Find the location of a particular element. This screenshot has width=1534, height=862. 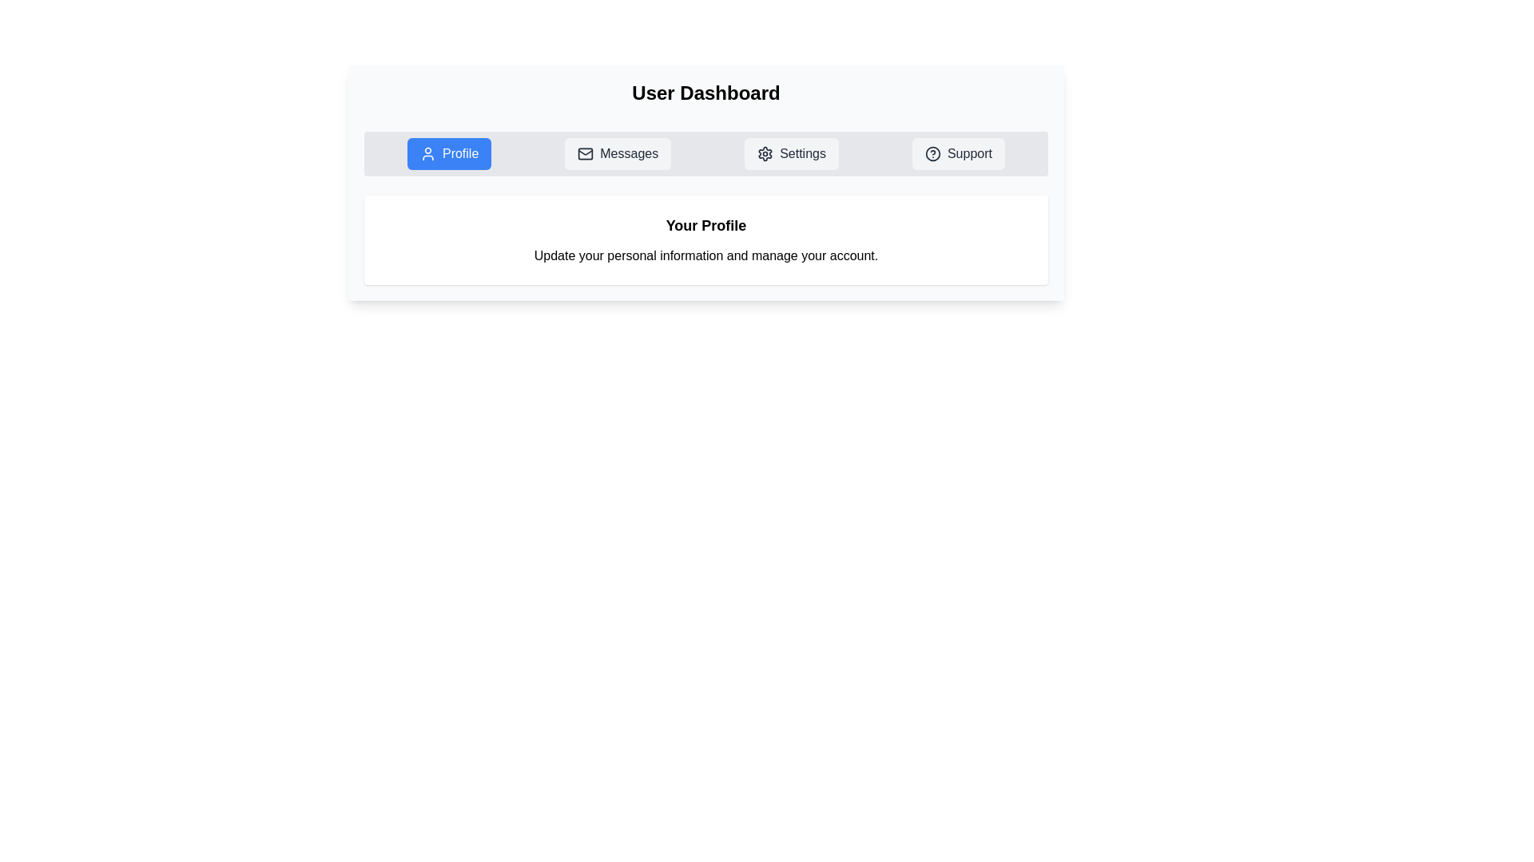

the user profile icon, which is represented as an avatar graphic inside a circular border with a blue background, to trigger tooltips or visual effects is located at coordinates (428, 153).